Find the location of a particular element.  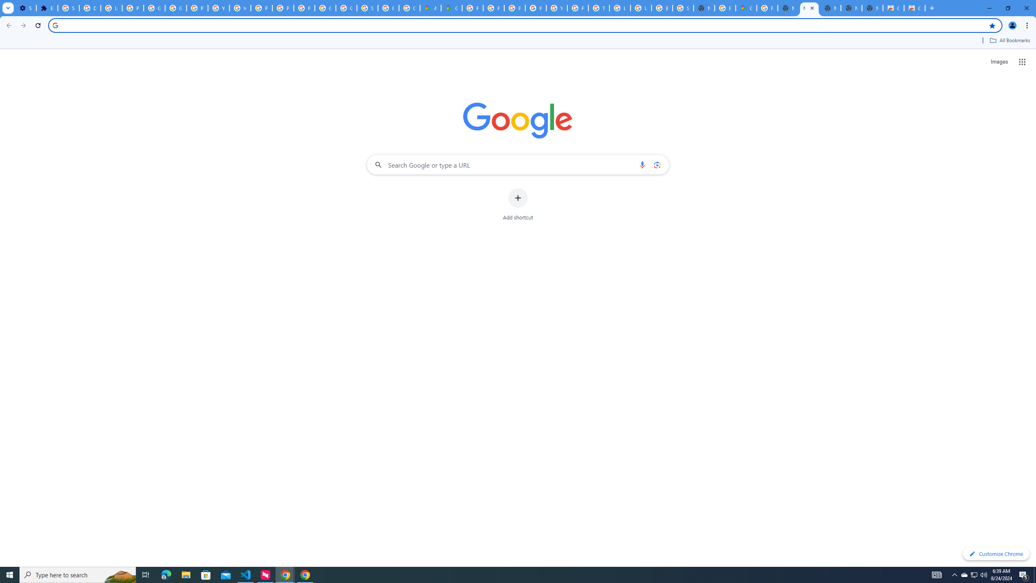

'Search for Images ' is located at coordinates (999, 62).